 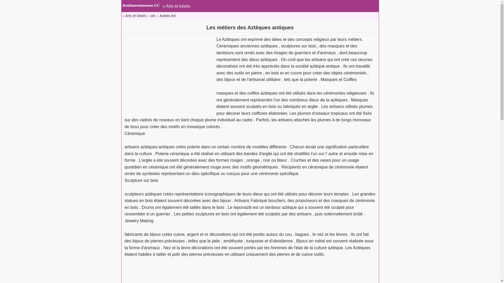 I want to click on 'Autres Art', so click(x=167, y=15).